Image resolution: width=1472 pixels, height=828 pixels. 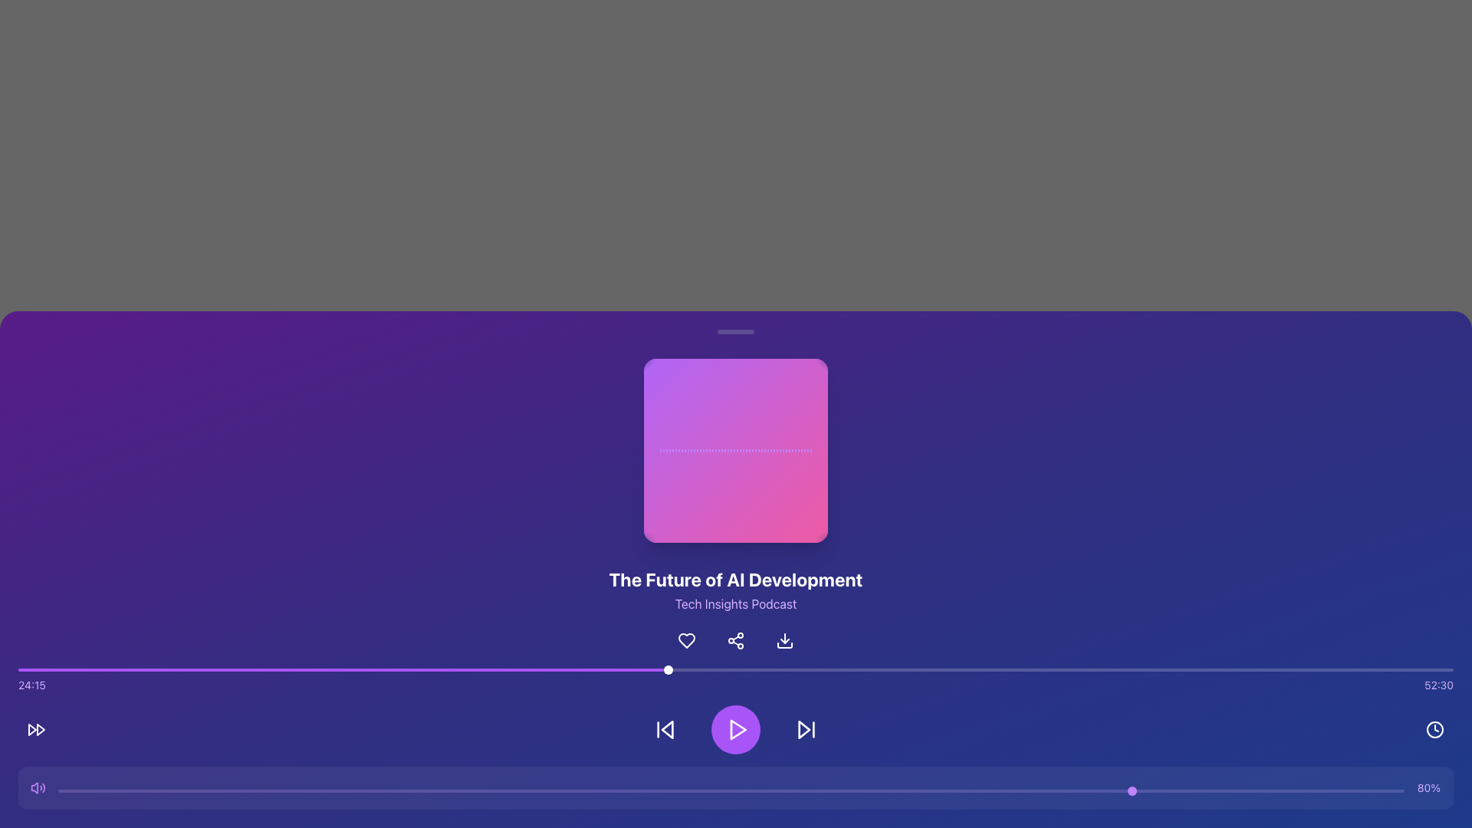 I want to click on the slider value, so click(x=1175, y=791).